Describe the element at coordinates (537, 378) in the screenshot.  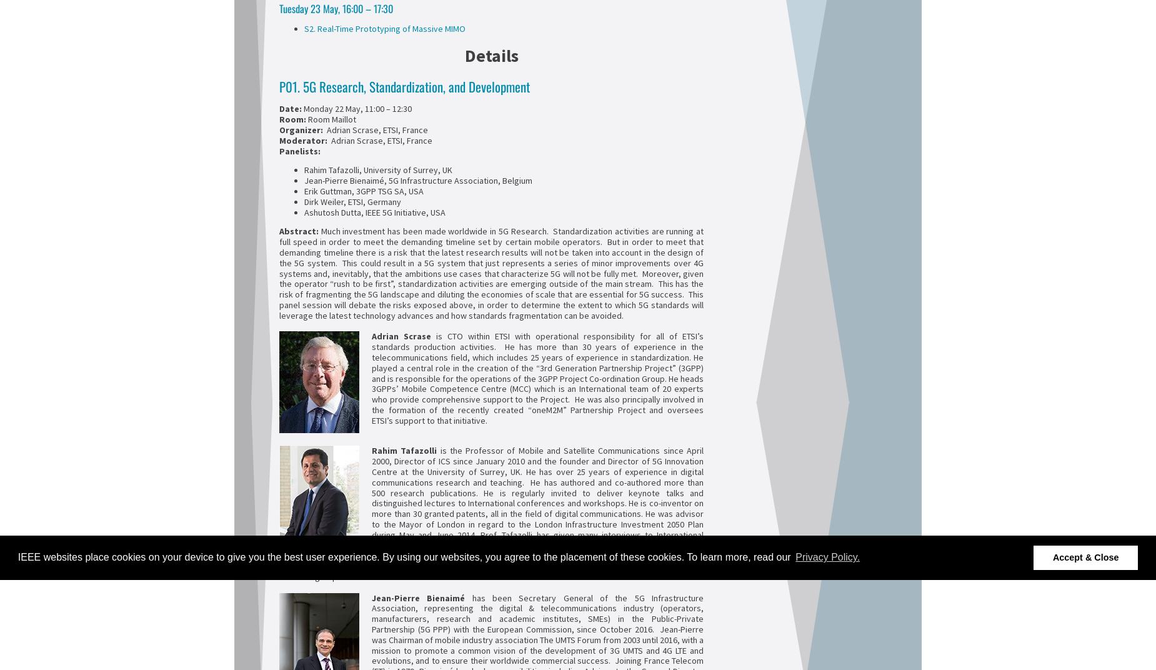
I see `'is CTO within ETSI with operational responsibility for all of ETSI’s standards production activities.  He has more than 30 years of experience in the telecommunications field, which includes 25 years of experience in standardization. He played a central role in the creation of the “3rd Generation Partnership Project” (3GPP) and is responsible for the operations of the 3GPP Project Co-ordination Group. He heads 3GPPs’ Mobile Competence Centre (MCC) which is an International team of 20 experts who provide comprehensive support to the Project.  He was also principally involved in the formation of the recently created “oneM2M” Partnership Project and oversees ETSI’s support to that initiative.'` at that location.